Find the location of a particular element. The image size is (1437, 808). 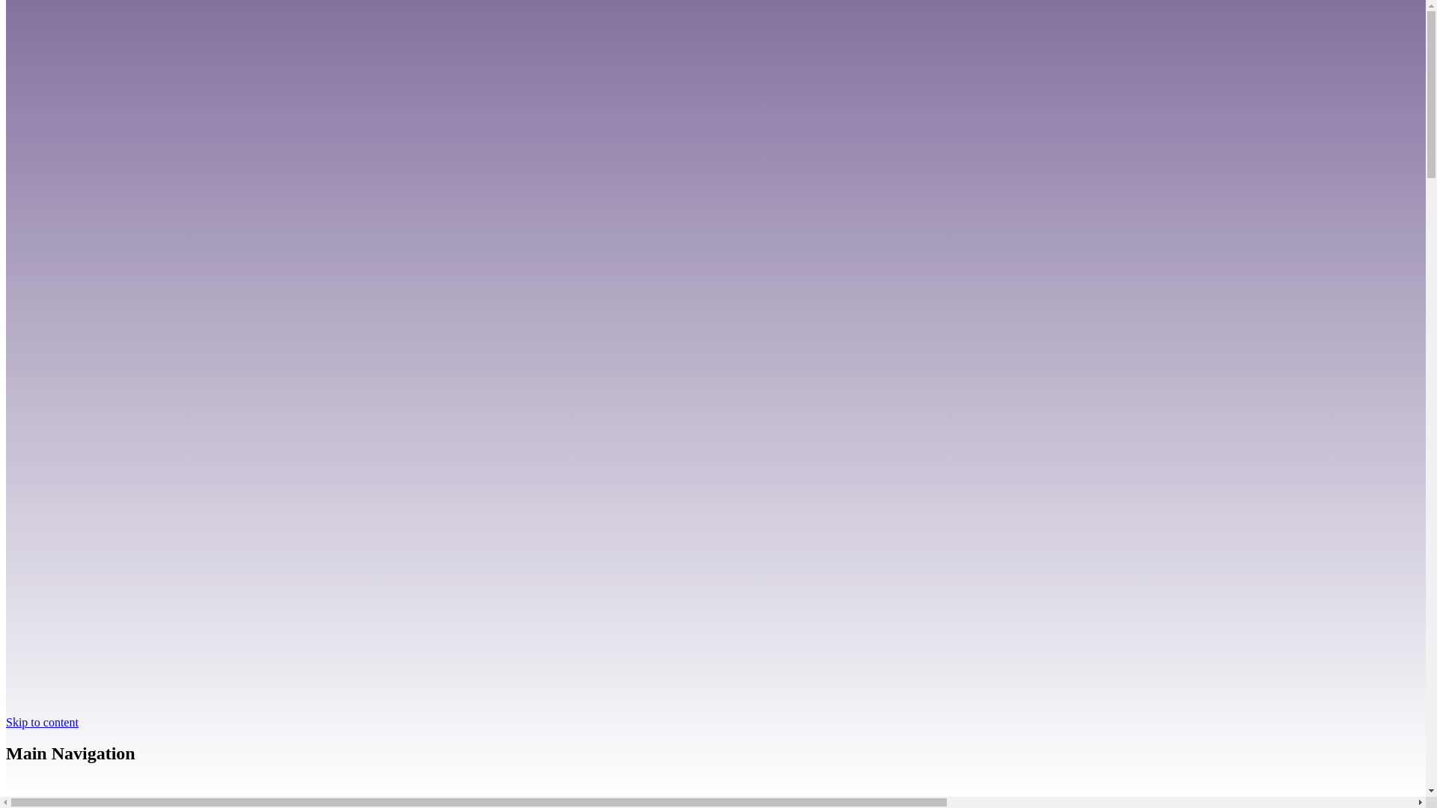

'Skip to content' is located at coordinates (6, 720).